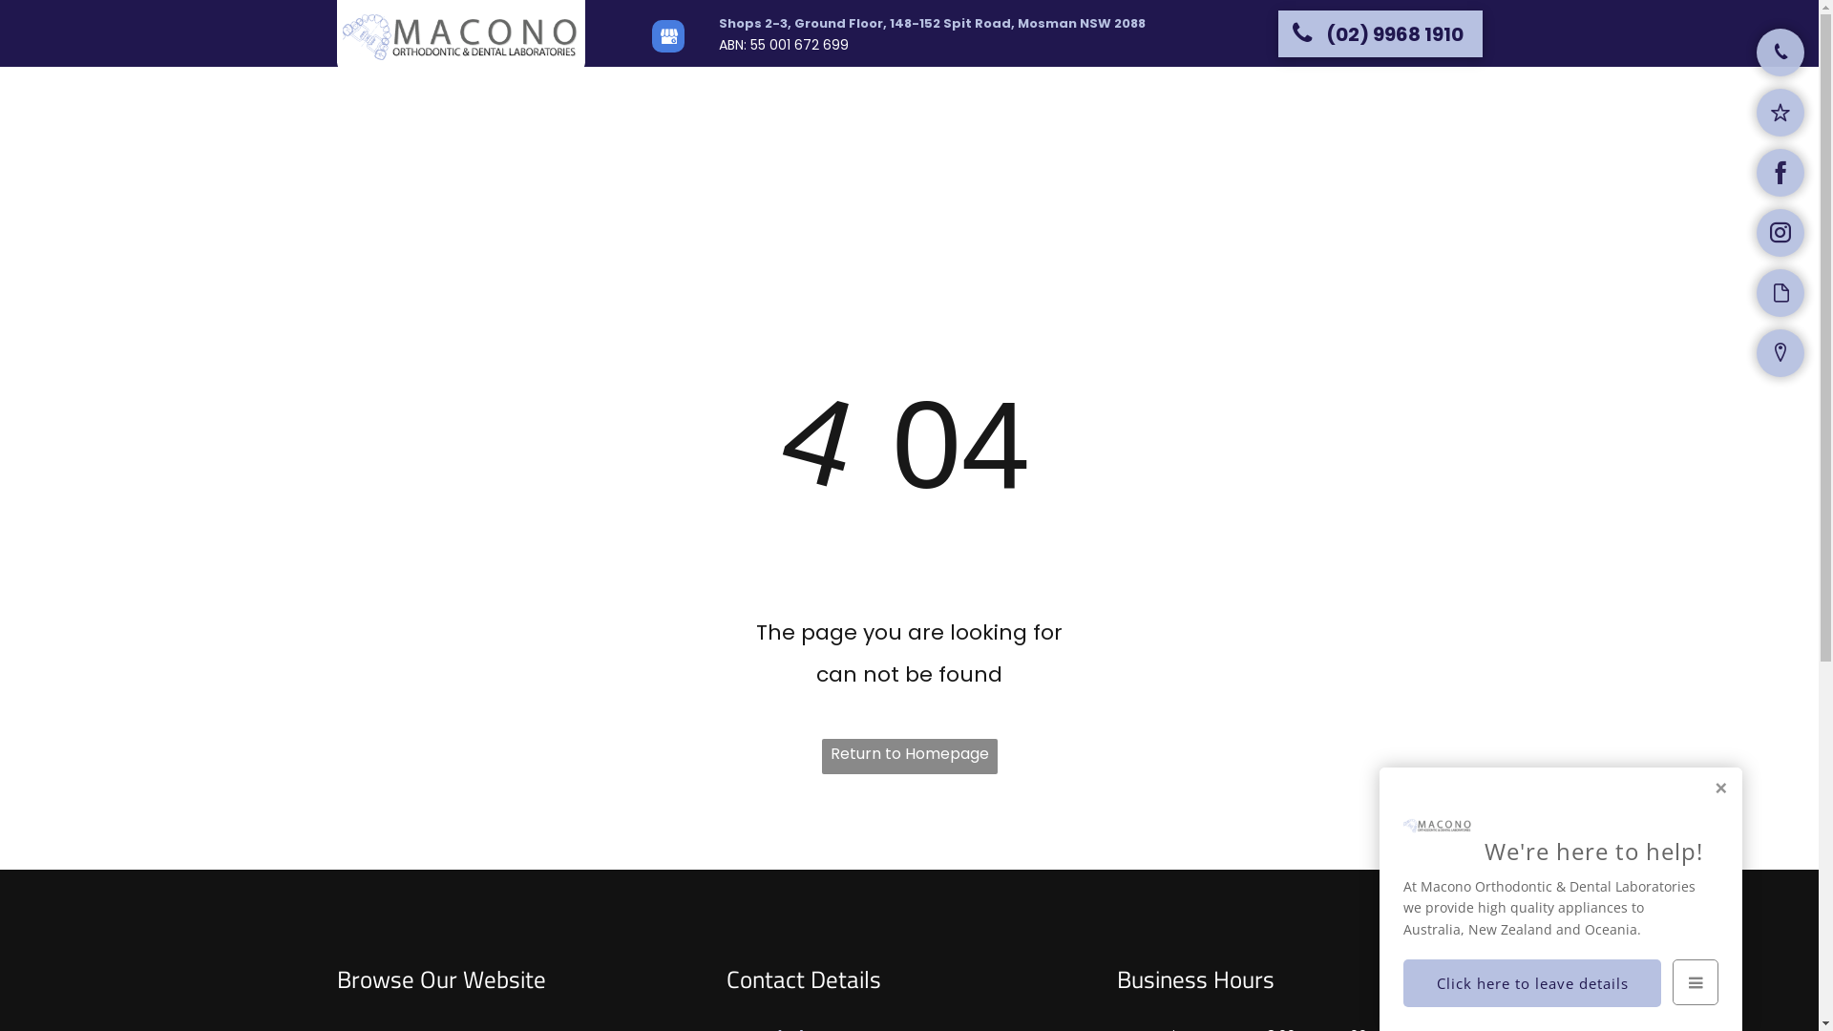 Image resolution: width=1833 pixels, height=1031 pixels. What do you see at coordinates (907, 755) in the screenshot?
I see `'Return to Homepage'` at bounding box center [907, 755].